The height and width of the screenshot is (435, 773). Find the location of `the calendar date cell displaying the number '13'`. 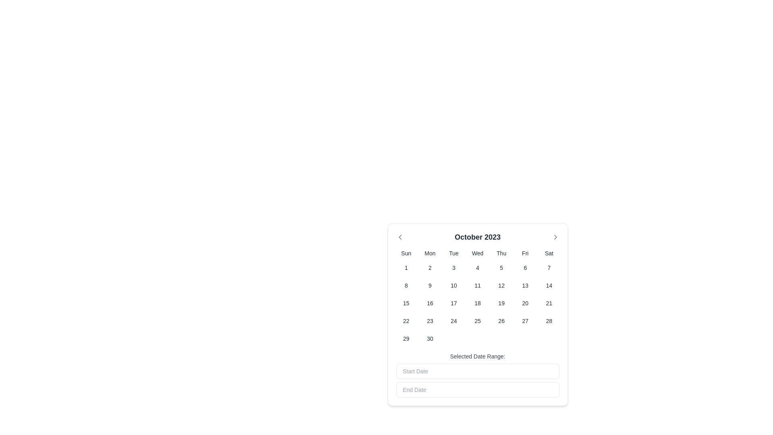

the calendar date cell displaying the number '13' is located at coordinates (525, 285).